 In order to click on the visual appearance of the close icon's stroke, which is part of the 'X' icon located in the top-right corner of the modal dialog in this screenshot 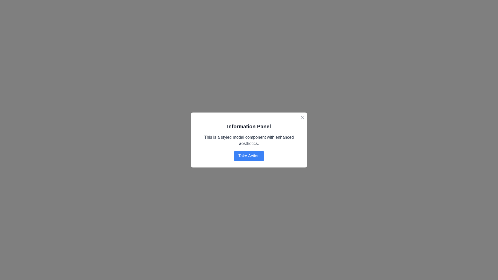, I will do `click(302, 117)`.